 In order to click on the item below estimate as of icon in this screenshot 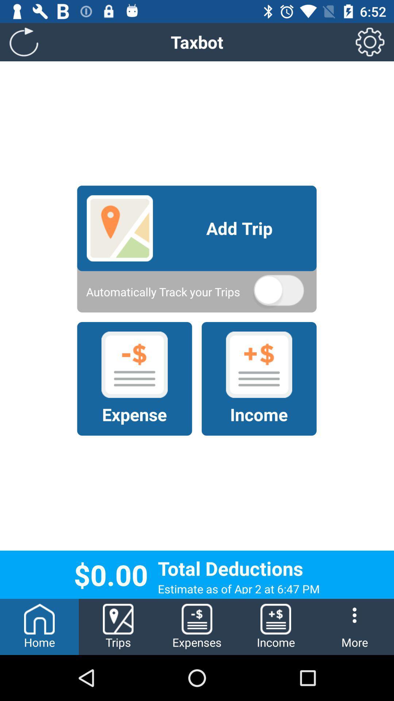, I will do `click(354, 627)`.